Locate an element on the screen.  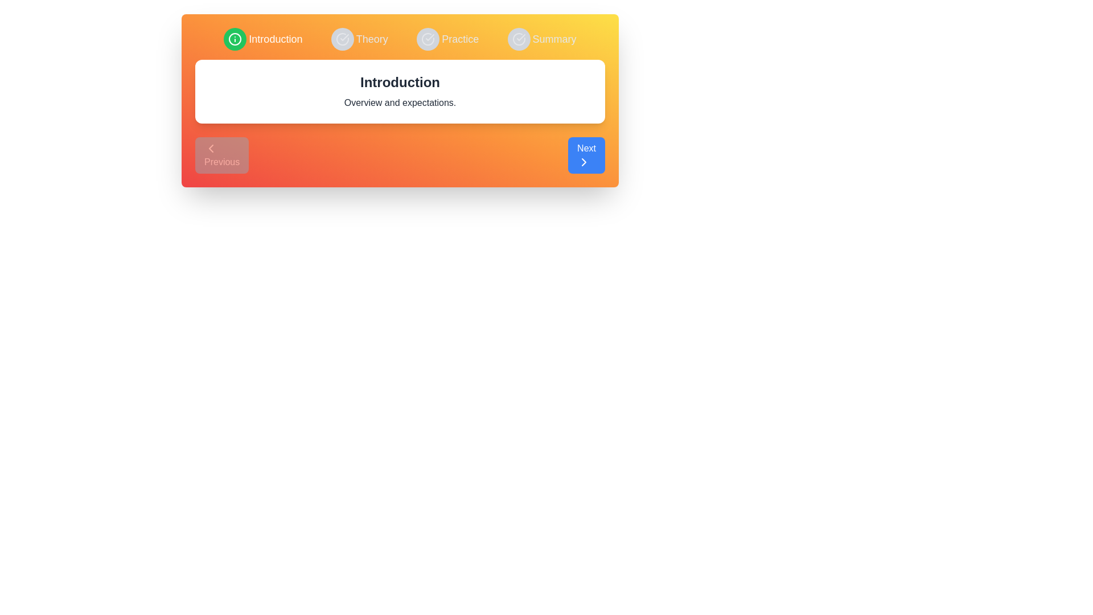
the stage Theory to view its details is located at coordinates (359, 39).